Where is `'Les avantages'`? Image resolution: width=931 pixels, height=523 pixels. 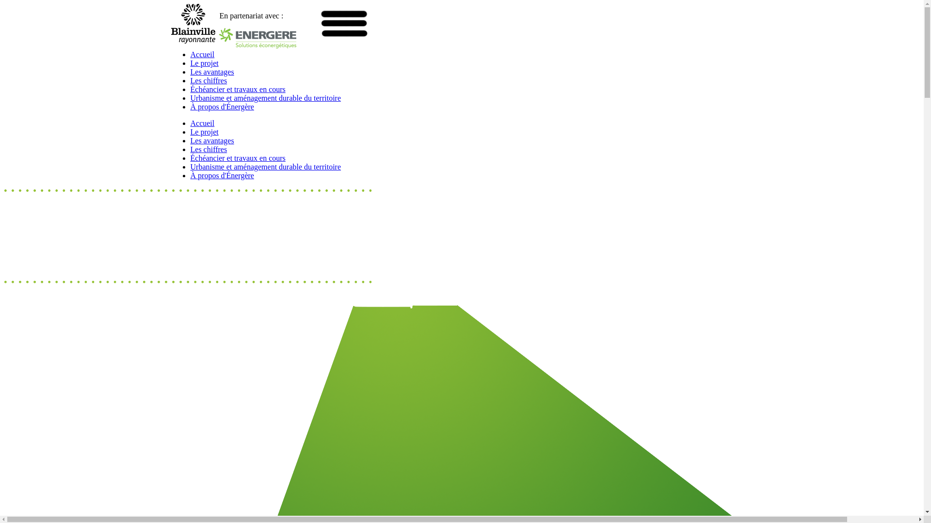 'Les avantages' is located at coordinates (211, 71).